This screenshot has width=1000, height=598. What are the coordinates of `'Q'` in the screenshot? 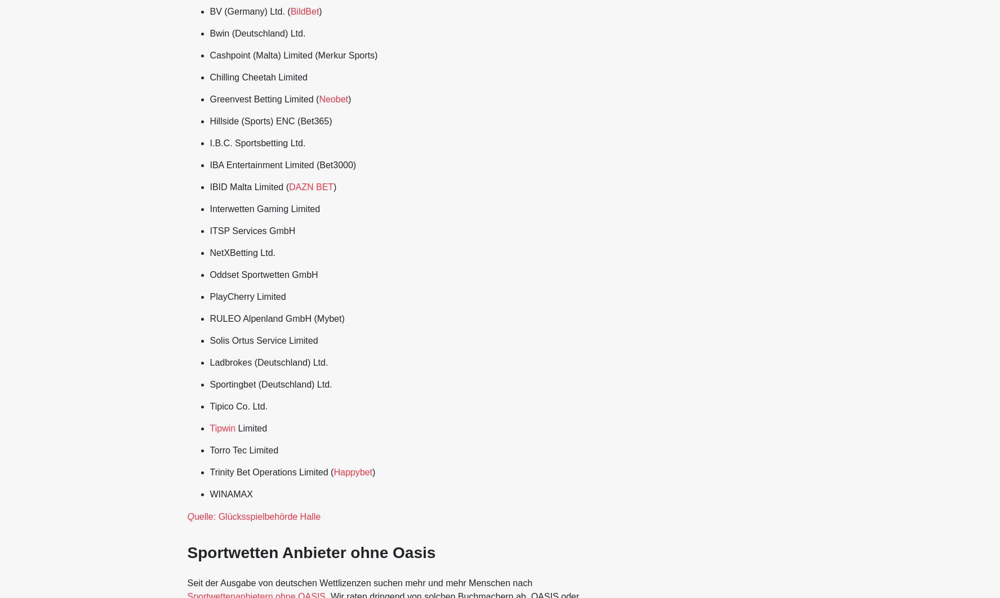 It's located at (189, 516).